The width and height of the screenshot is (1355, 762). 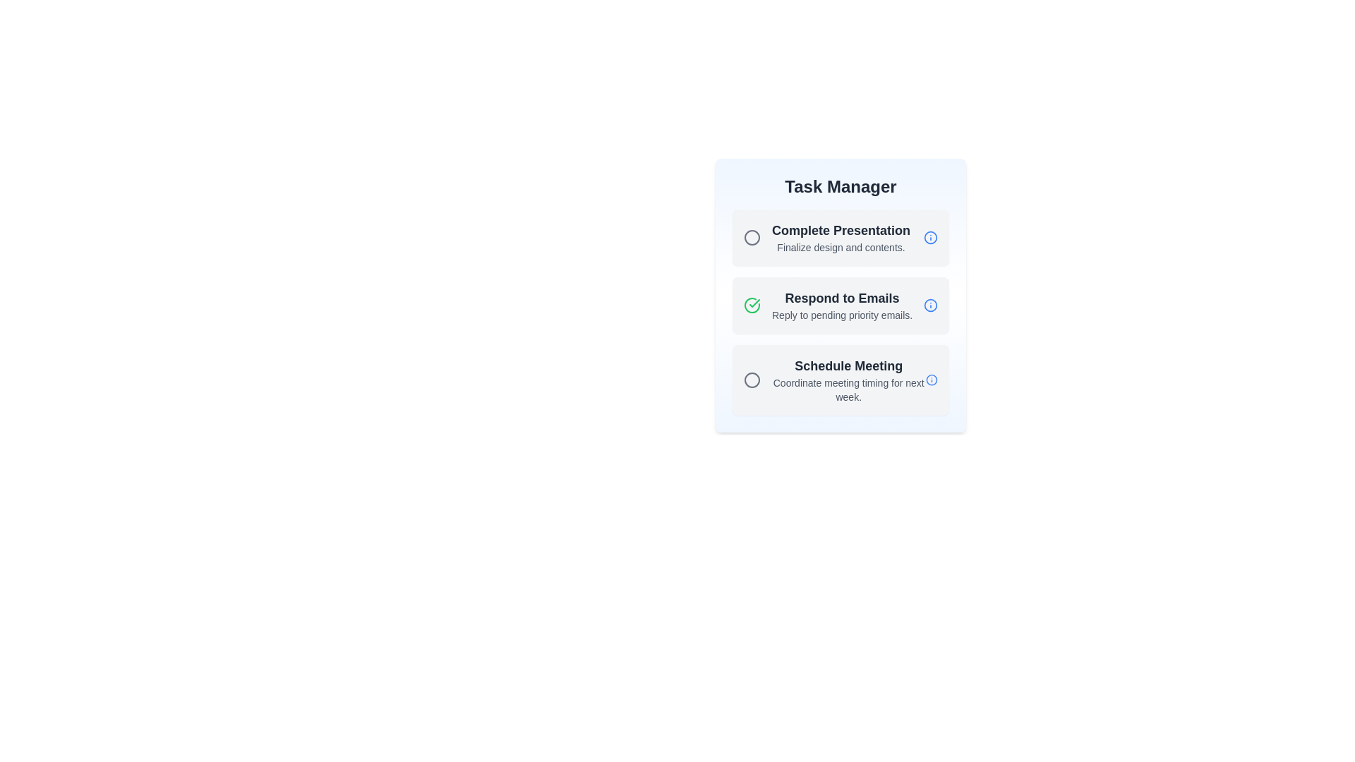 I want to click on the info icon next to the task titled 'Complete Presentation', so click(x=931, y=236).